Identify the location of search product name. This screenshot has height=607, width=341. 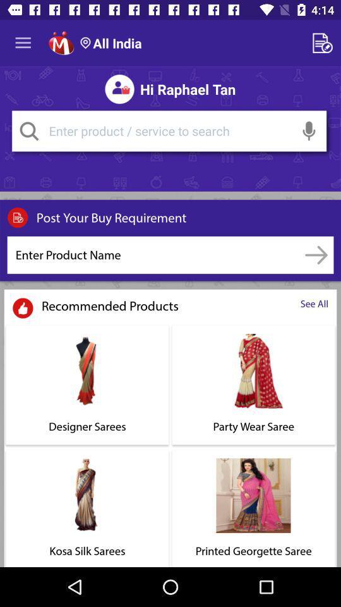
(316, 254).